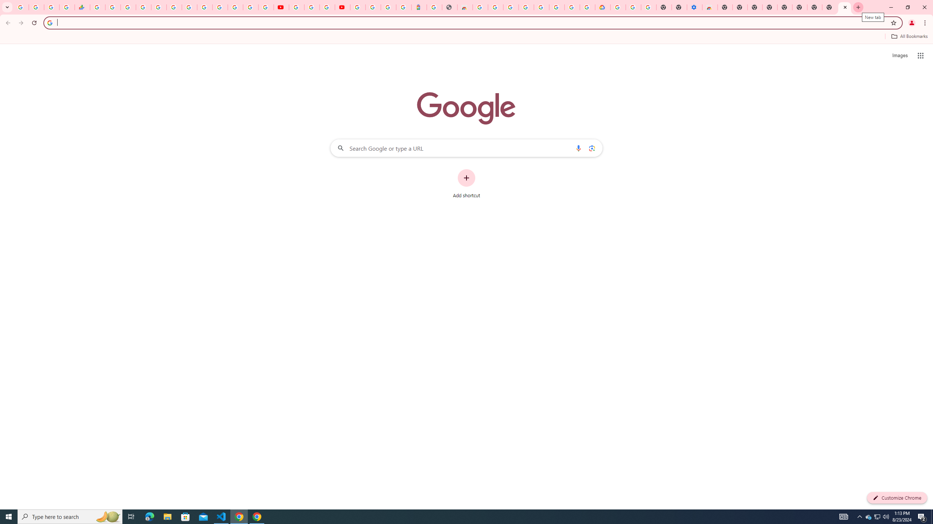 Image resolution: width=933 pixels, height=524 pixels. Describe the element at coordinates (297, 7) in the screenshot. I see `'YouTube'` at that location.